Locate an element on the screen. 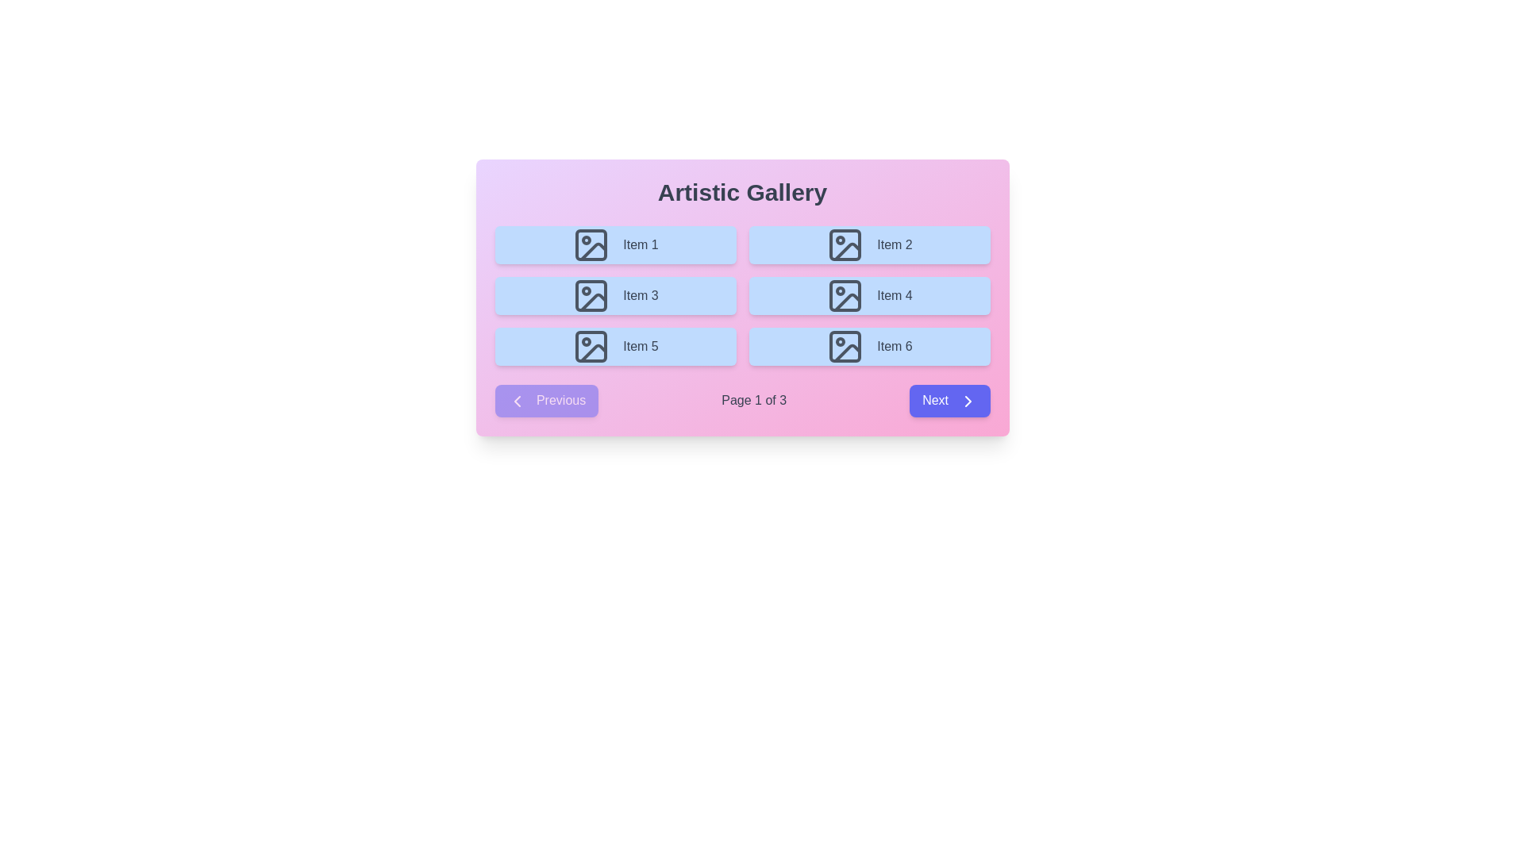 The image size is (1524, 857). visual properties of the first image icon in the 'Artistic Gallery' component, which is a rectangular icon with rounded corners depicting a mountain and sun or moon is located at coordinates (591, 244).